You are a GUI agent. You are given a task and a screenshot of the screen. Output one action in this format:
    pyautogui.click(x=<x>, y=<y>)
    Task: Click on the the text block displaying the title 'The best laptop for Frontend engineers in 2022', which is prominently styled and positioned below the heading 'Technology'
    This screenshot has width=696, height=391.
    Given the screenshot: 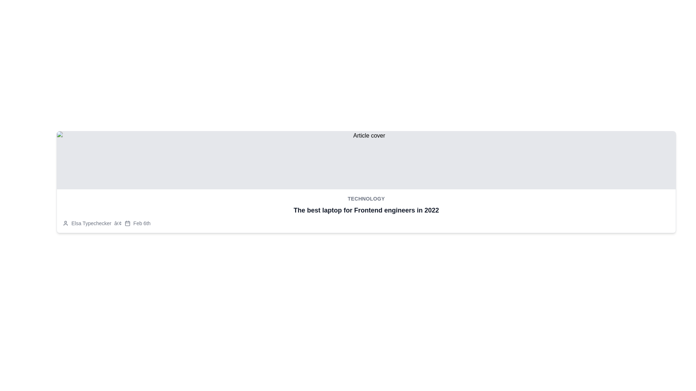 What is the action you would take?
    pyautogui.click(x=366, y=210)
    